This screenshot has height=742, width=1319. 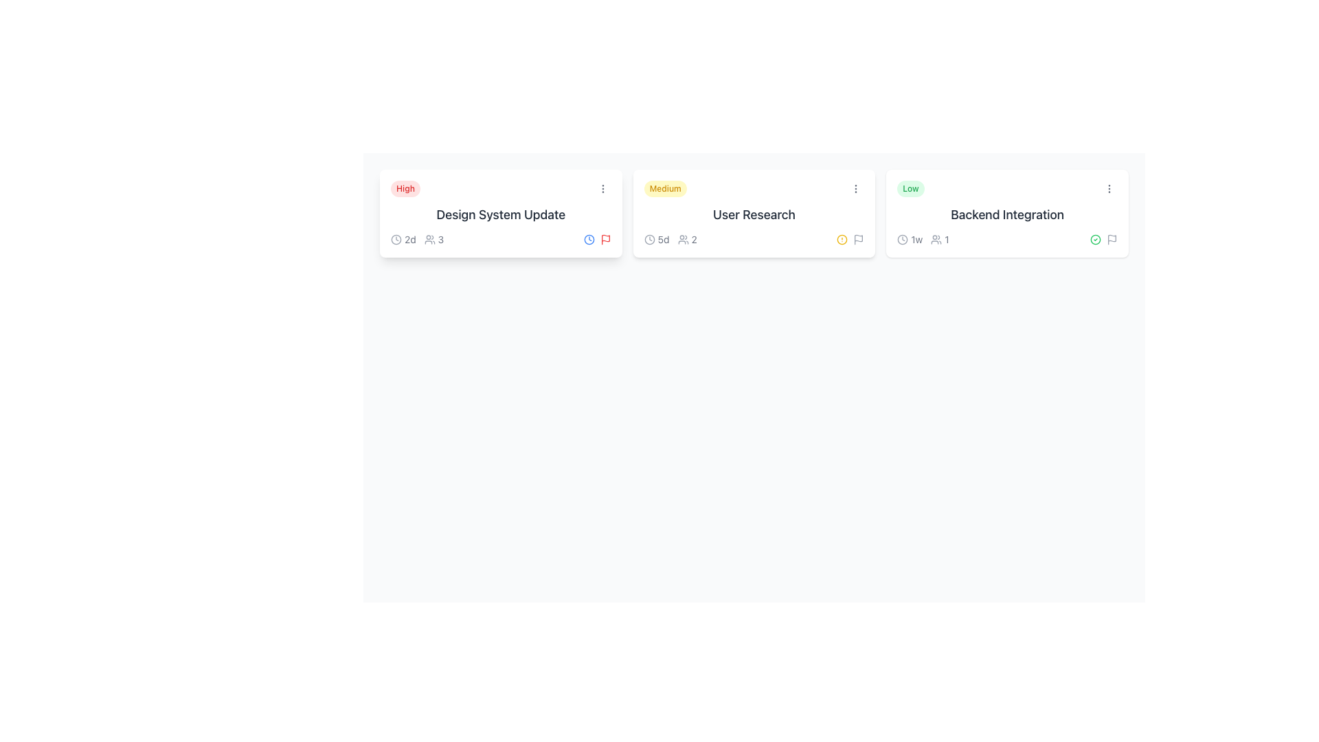 I want to click on the time-related attribute icon in the 'User Research' card, located to the left of the '5d' text, so click(x=649, y=238).